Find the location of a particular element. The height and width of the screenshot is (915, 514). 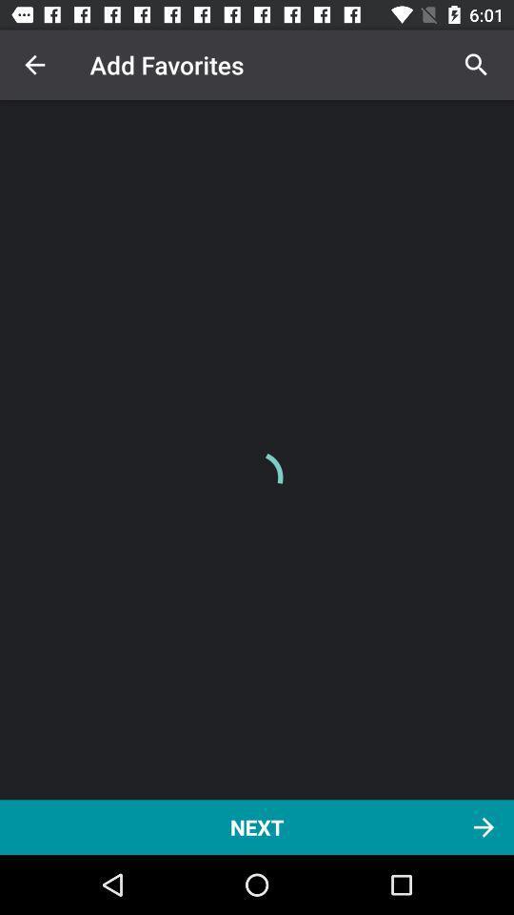

the item above the next is located at coordinates (34, 65).